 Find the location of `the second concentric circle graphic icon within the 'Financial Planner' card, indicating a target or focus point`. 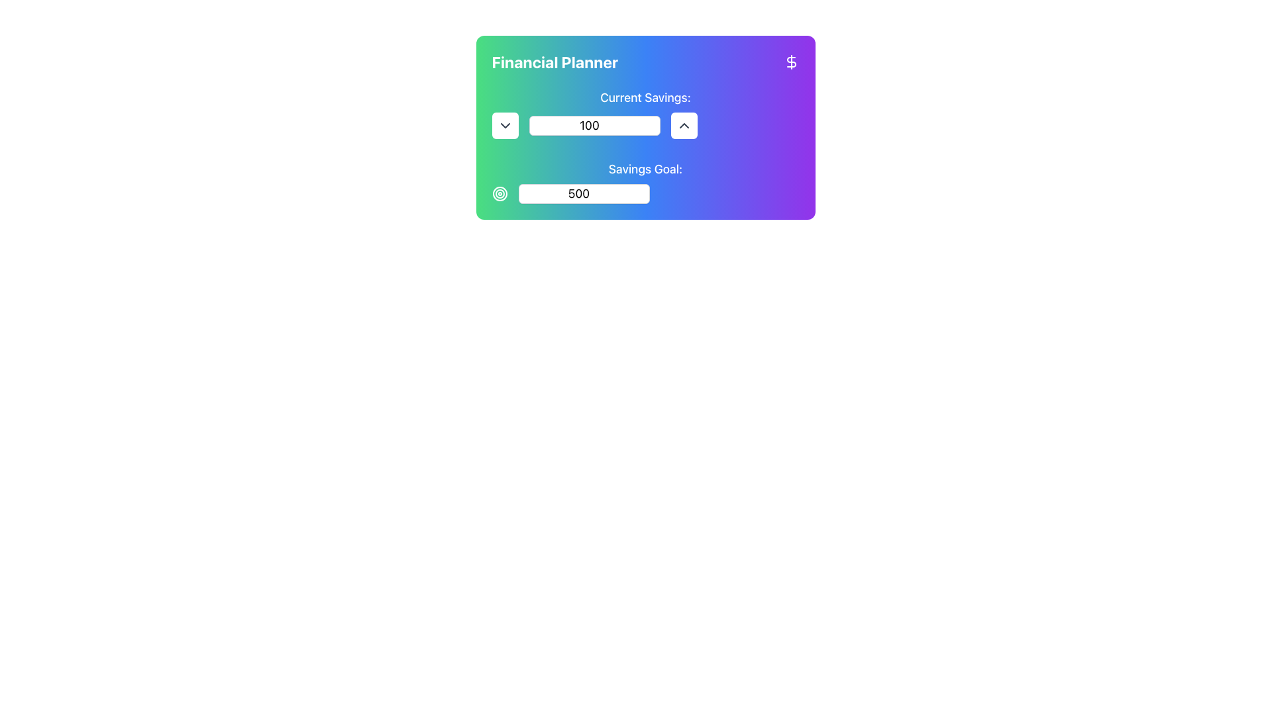

the second concentric circle graphic icon within the 'Financial Planner' card, indicating a target or focus point is located at coordinates (499, 194).